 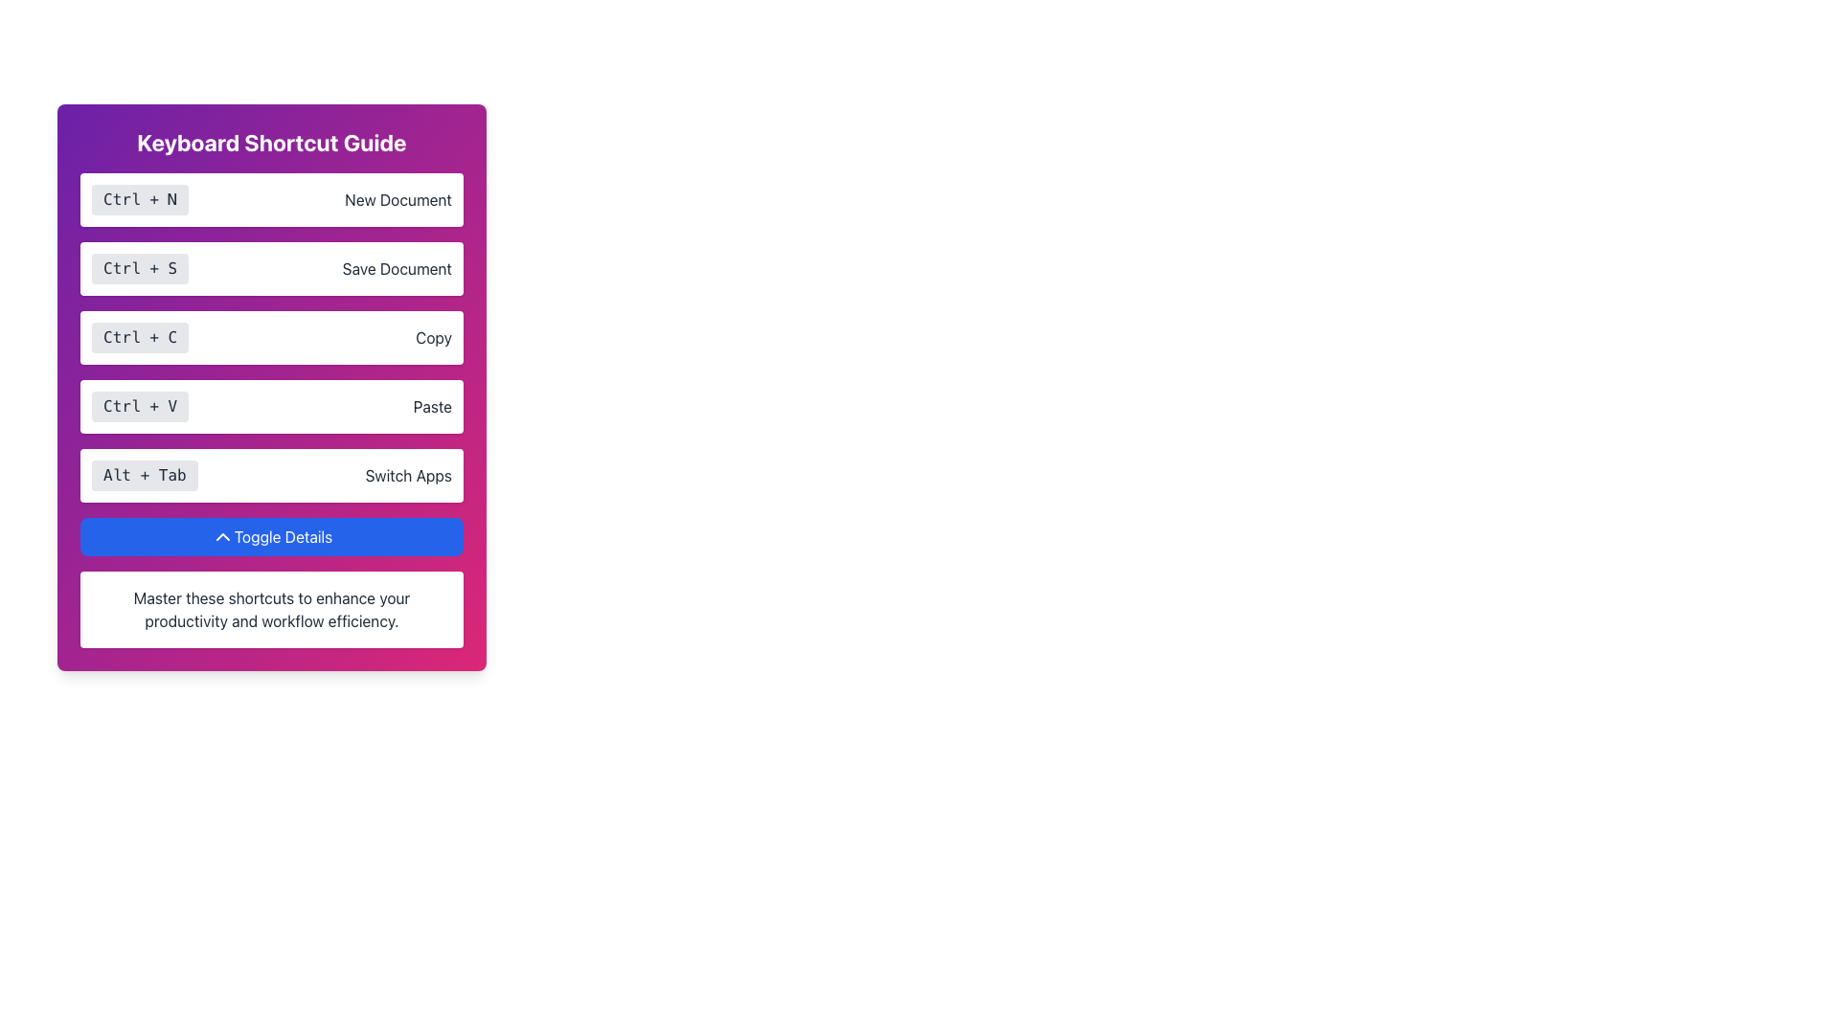 What do you see at coordinates (139, 269) in the screenshot?
I see `the non-interactive styled text label displaying the keyboard shortcut 'Ctrl + S' in the purple panel titled 'Keyboard Shortcut Guide'` at bounding box center [139, 269].